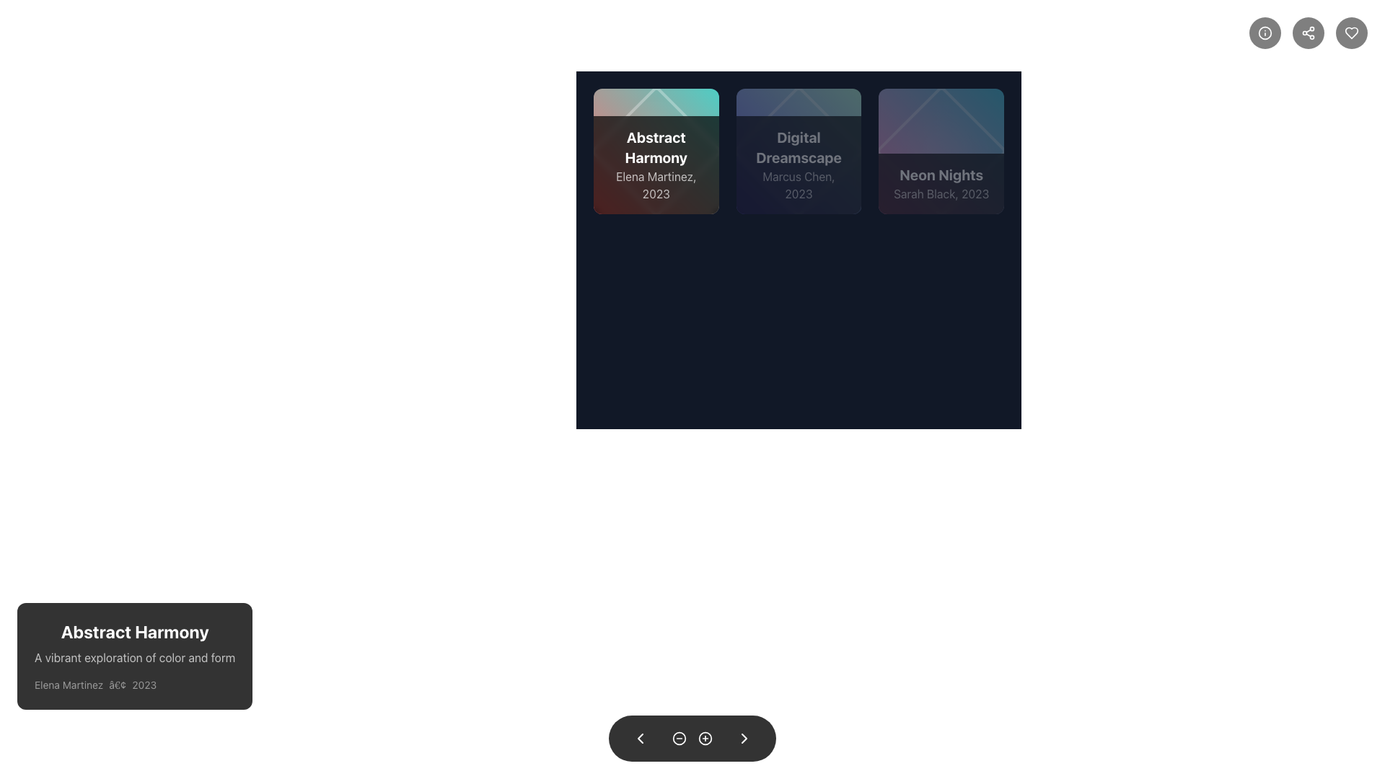 This screenshot has width=1385, height=779. What do you see at coordinates (135, 630) in the screenshot?
I see `the bold text label that reads 'Abstract Harmony', which is prominently displayed at the top of an informative card in white font against a dark background` at bounding box center [135, 630].